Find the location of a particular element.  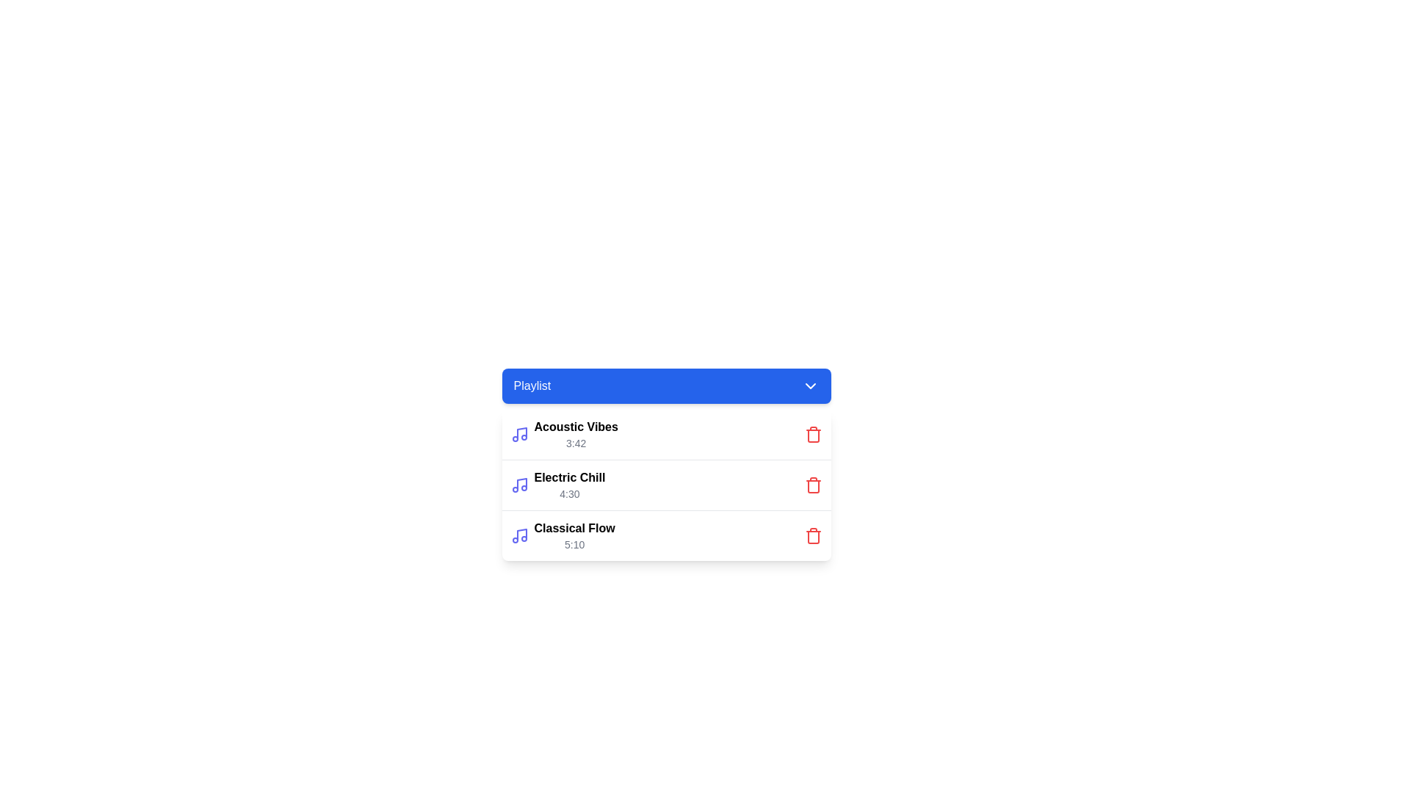

the track labeled 'Acoustic Vibes' for playback by clicking on the first list item under the 'Playlist' header is located at coordinates (665, 433).